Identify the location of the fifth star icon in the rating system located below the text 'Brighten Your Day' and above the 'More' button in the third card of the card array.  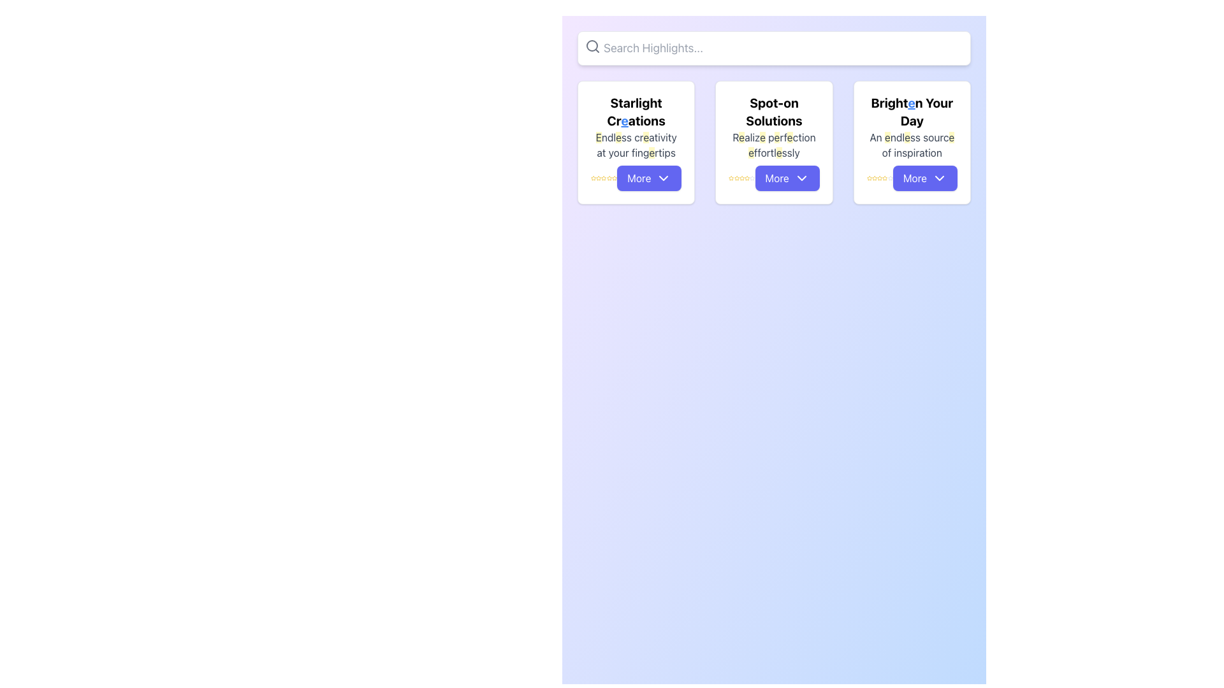
(884, 178).